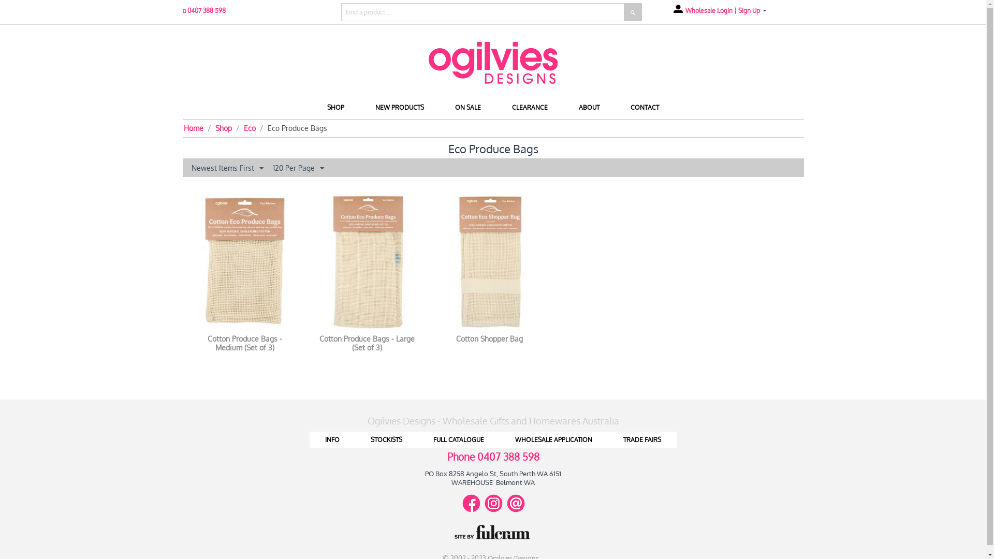  What do you see at coordinates (193, 127) in the screenshot?
I see `'Home'` at bounding box center [193, 127].